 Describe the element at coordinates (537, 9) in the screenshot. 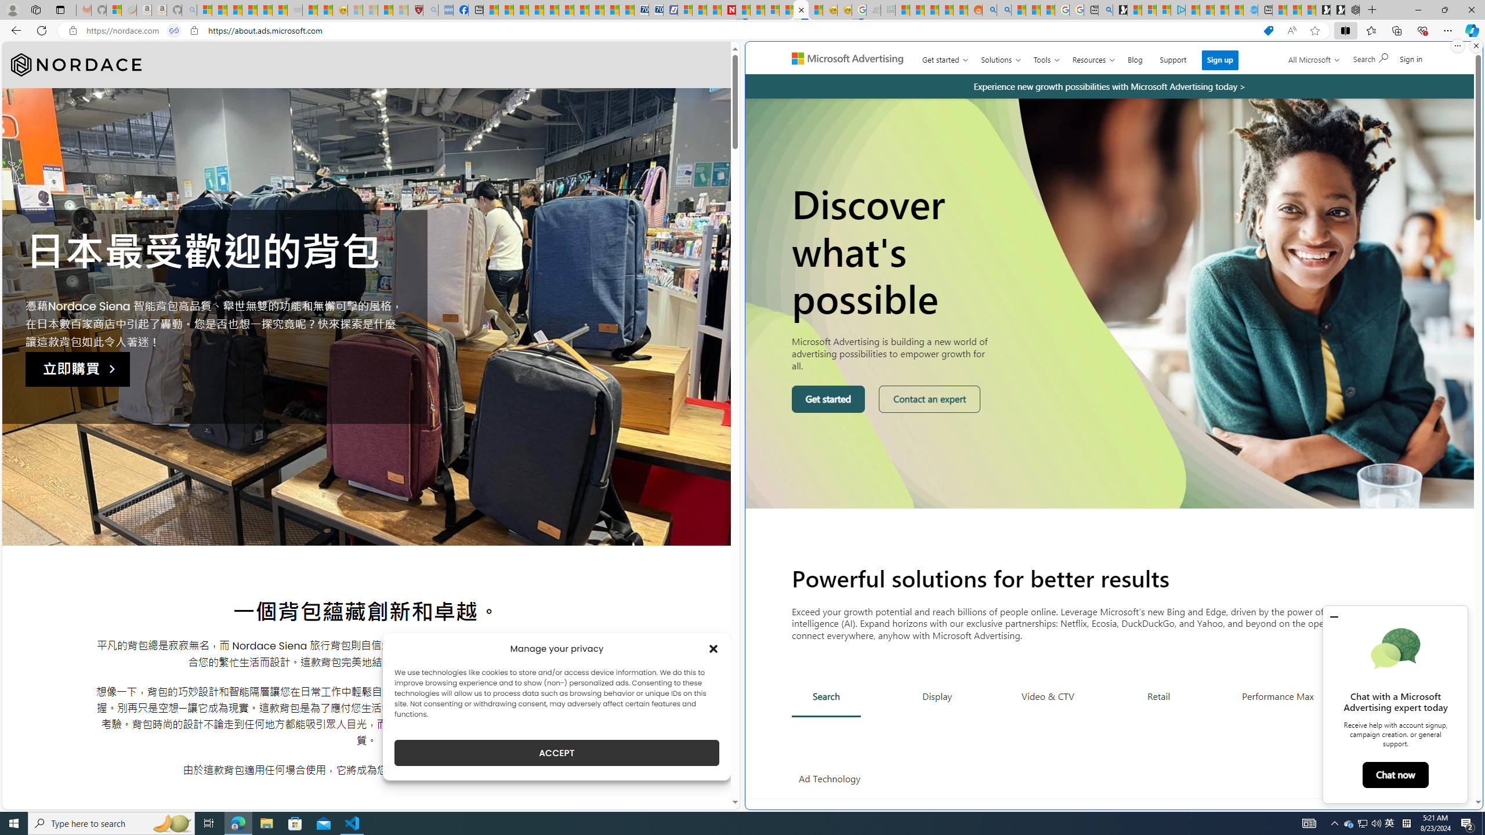

I see `'Climate Damage Becomes Too Severe To Reverse'` at that location.